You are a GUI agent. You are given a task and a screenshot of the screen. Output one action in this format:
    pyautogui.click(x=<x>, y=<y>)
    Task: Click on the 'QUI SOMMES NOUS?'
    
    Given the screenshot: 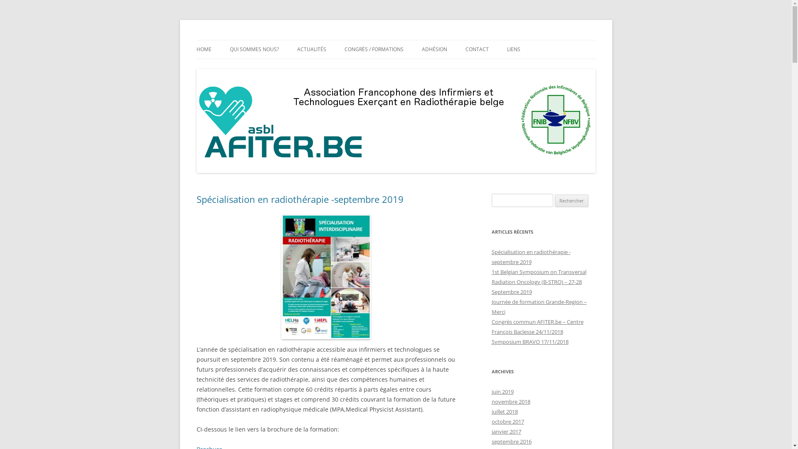 What is the action you would take?
    pyautogui.click(x=253, y=49)
    